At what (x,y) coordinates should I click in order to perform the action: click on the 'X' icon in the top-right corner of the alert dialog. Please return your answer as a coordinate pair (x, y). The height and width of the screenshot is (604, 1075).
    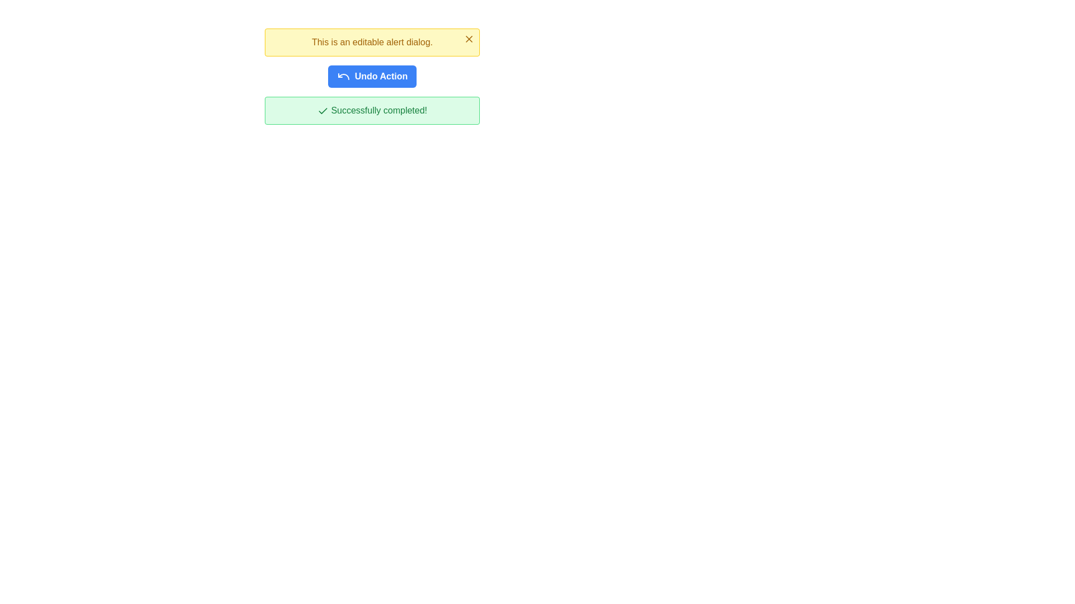
    Looking at the image, I should click on (469, 38).